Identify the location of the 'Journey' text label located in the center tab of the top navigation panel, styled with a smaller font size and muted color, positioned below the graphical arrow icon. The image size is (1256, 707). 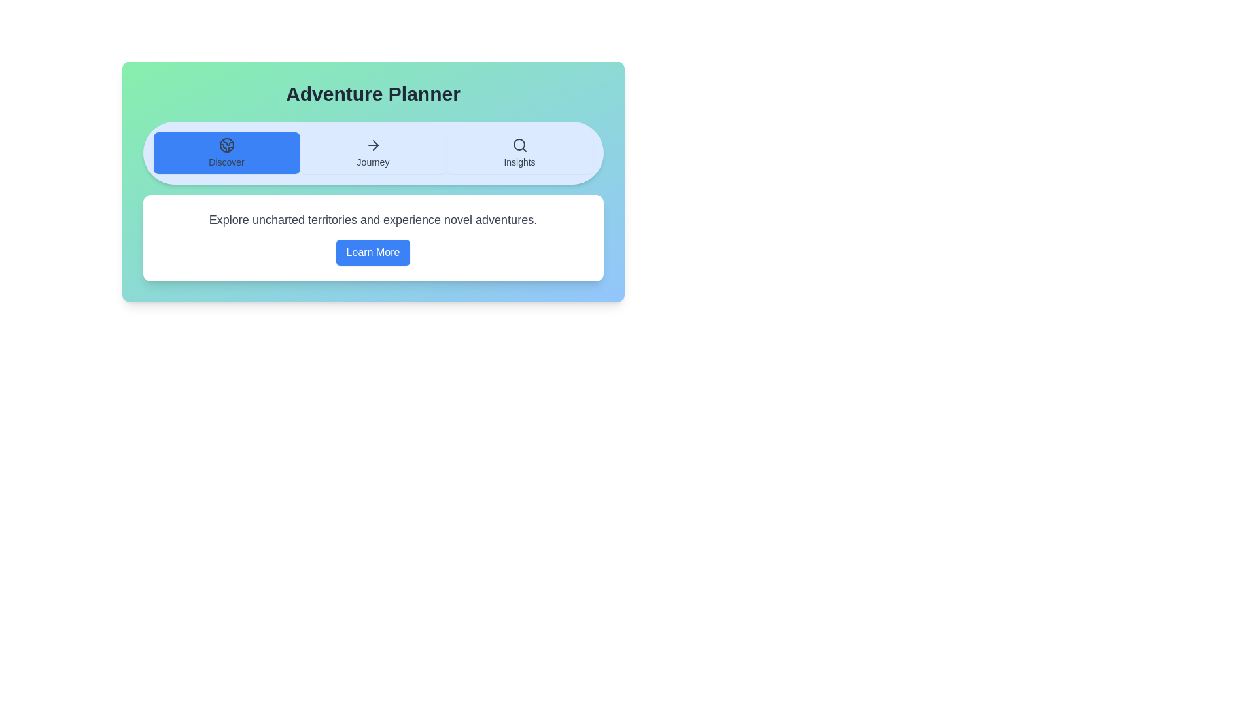
(372, 161).